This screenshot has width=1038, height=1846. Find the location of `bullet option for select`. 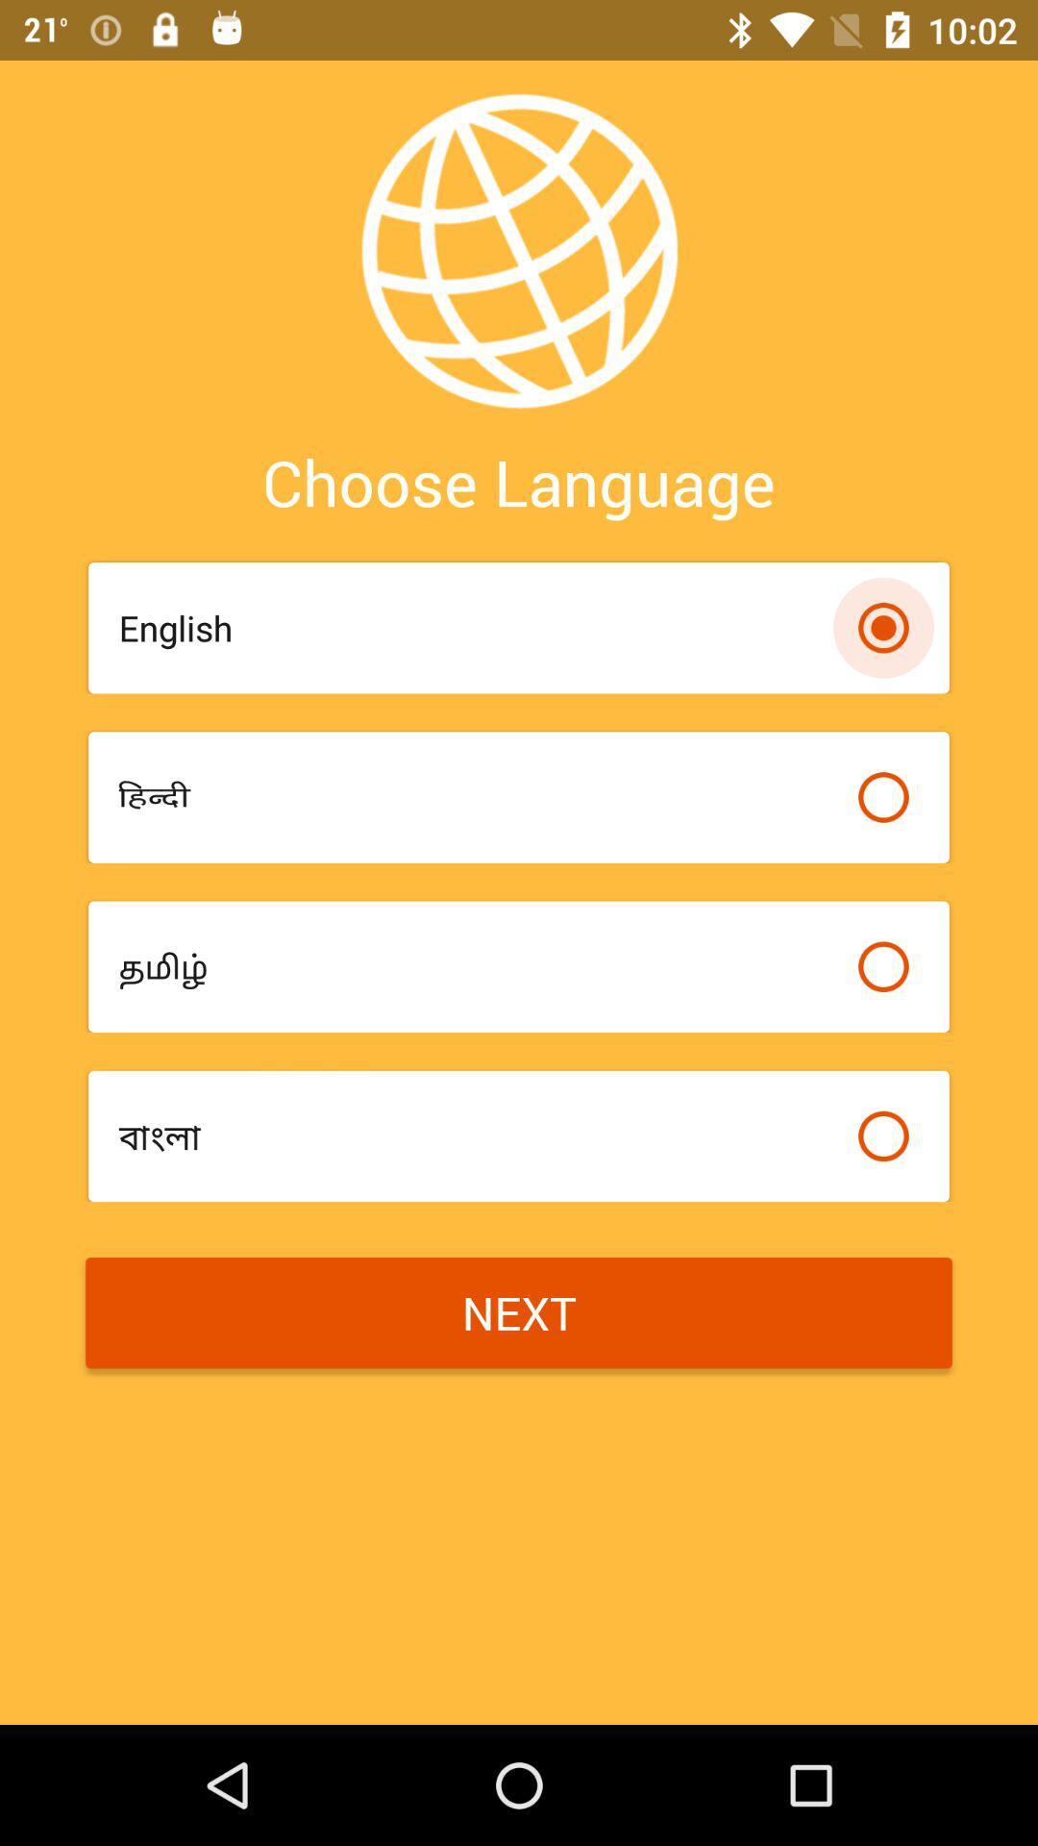

bullet option for select is located at coordinates (883, 1135).